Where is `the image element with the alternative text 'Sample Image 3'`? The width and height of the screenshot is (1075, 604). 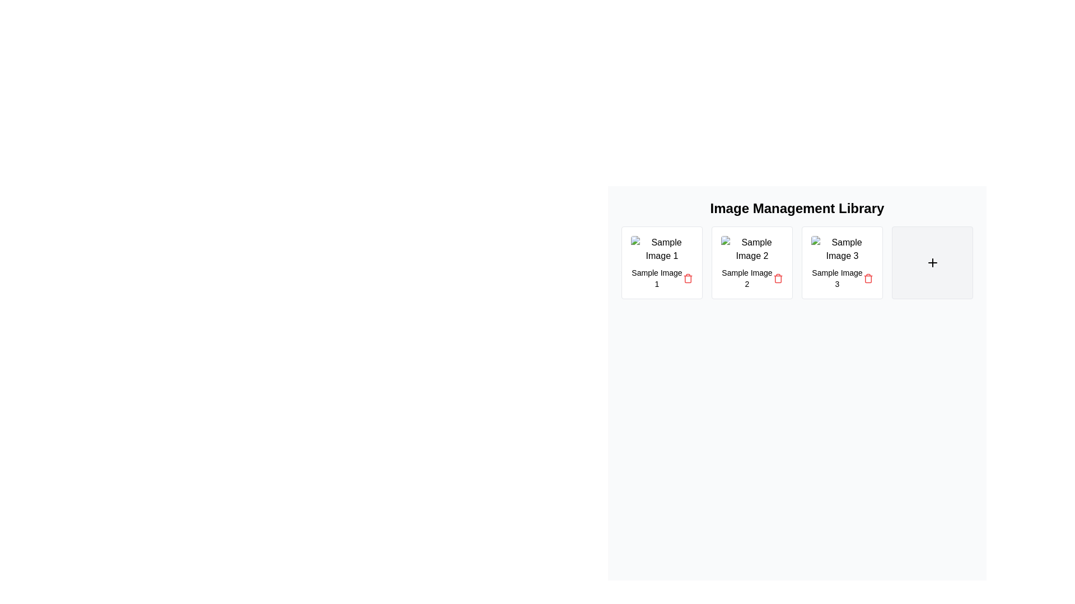 the image element with the alternative text 'Sample Image 3' is located at coordinates (842, 249).